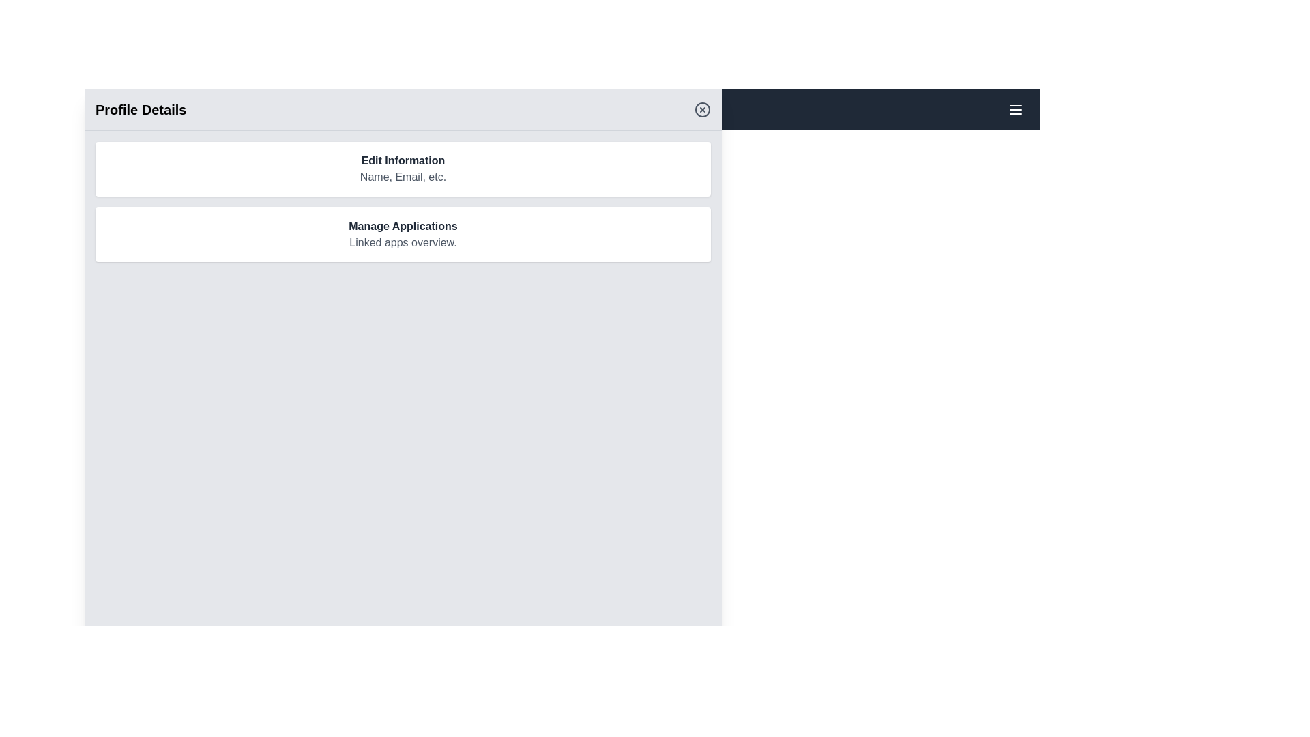 This screenshot has height=737, width=1310. Describe the element at coordinates (141, 109) in the screenshot. I see `the bold and large-sized title text labeled 'Profile Details' in the top-left corner of the gray header section` at that location.